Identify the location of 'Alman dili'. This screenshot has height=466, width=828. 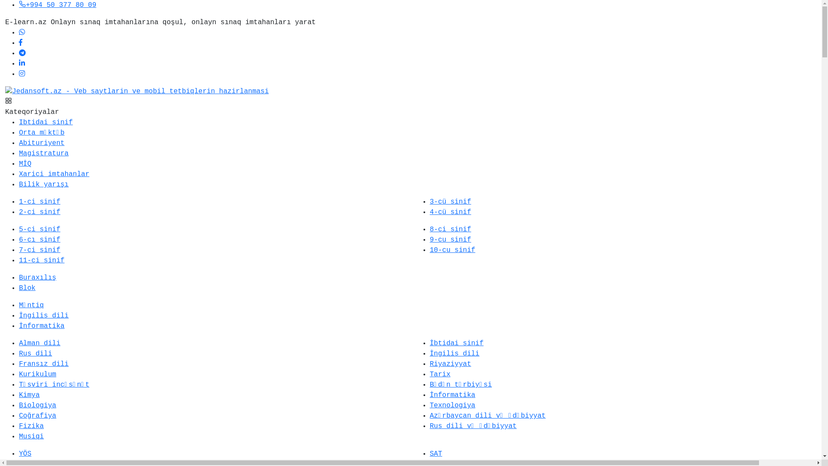
(39, 343).